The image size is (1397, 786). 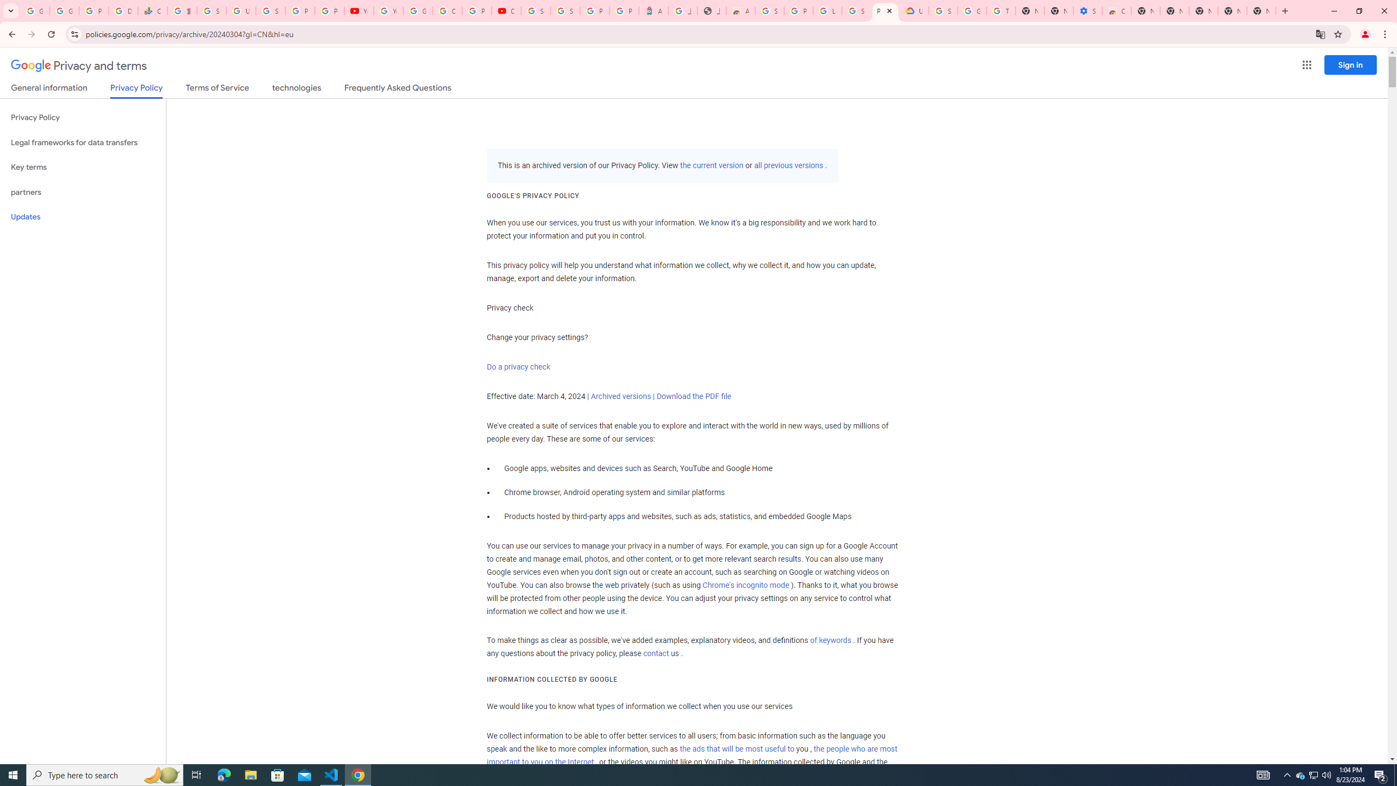 I want to click on 'New Tab', so click(x=1261, y=10).